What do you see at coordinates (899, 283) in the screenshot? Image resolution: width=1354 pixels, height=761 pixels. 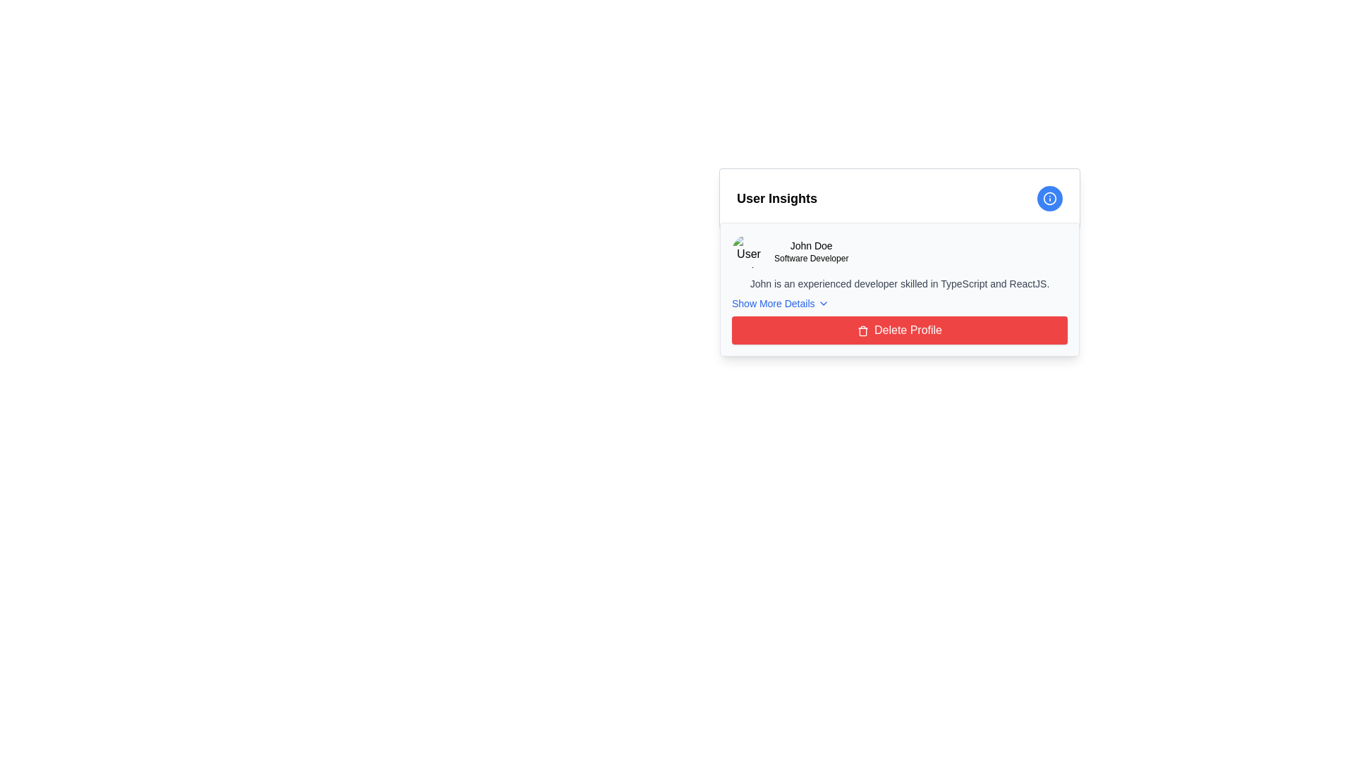 I see `descriptive text about the user's professional skills and expertise located in the 'User Insights' section, positioned above the 'Show More Details' text and below the user's name and designation` at bounding box center [899, 283].